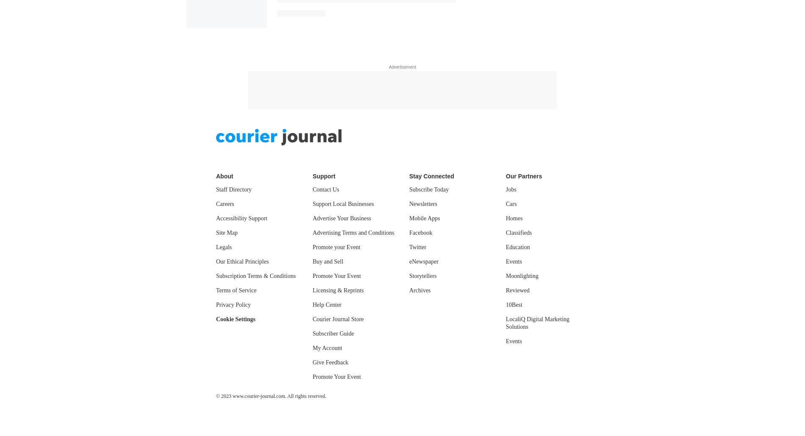 The image size is (805, 436). I want to click on 'Terms of Service', so click(236, 53).